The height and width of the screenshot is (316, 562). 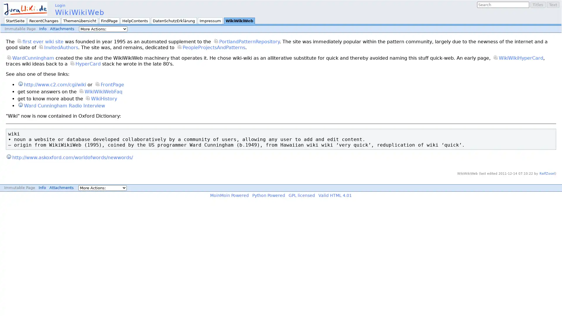 What do you see at coordinates (553, 5) in the screenshot?
I see `Text` at bounding box center [553, 5].